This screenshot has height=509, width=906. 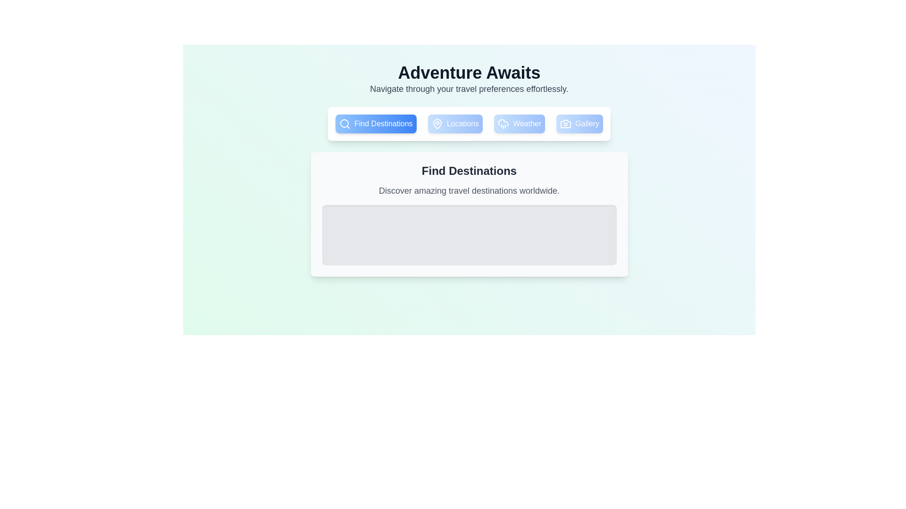 I want to click on the tab labeled Gallery to explore its content, so click(x=579, y=123).